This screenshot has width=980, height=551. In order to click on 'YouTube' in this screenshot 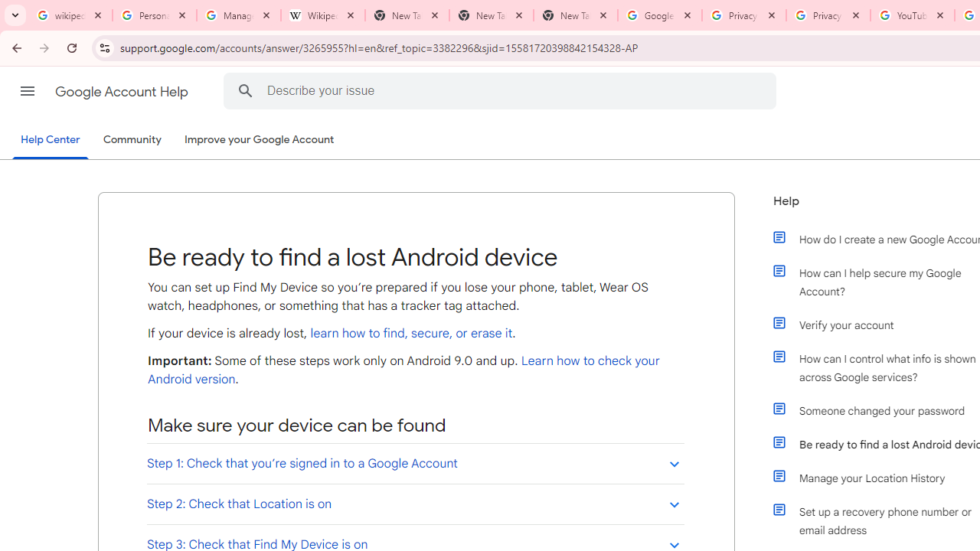, I will do `click(912, 15)`.